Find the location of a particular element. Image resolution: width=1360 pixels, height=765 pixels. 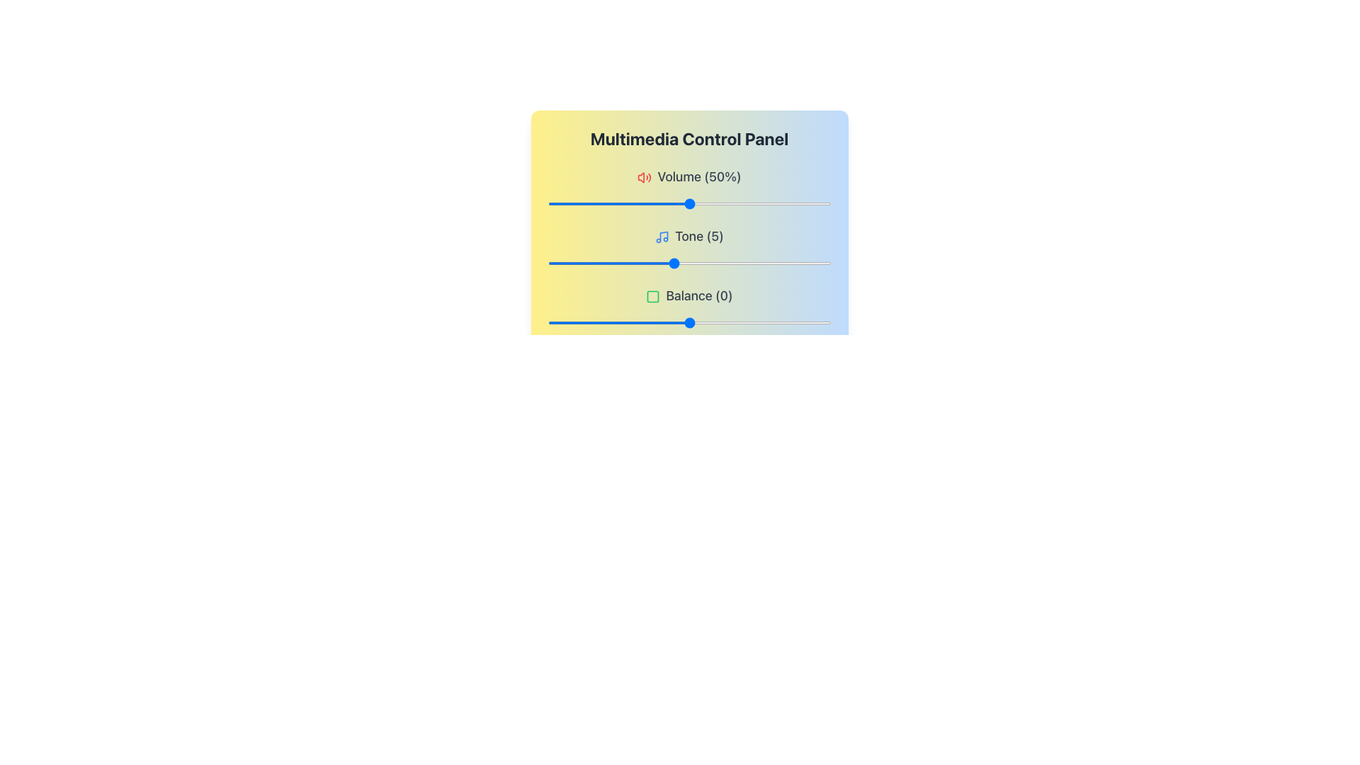

the range slider located in the 'Balance (0)' section to potentially display additional information is located at coordinates (689, 322).